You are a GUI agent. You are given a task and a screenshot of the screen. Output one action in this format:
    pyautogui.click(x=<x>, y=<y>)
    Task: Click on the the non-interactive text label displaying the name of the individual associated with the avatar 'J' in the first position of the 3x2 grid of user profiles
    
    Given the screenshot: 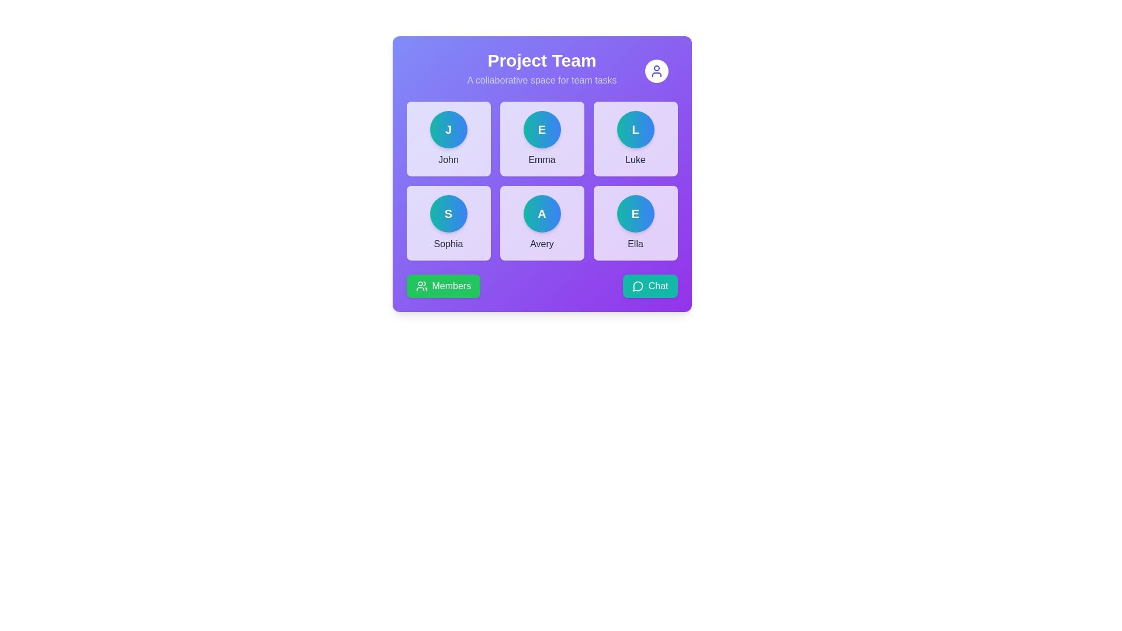 What is the action you would take?
    pyautogui.click(x=448, y=160)
    